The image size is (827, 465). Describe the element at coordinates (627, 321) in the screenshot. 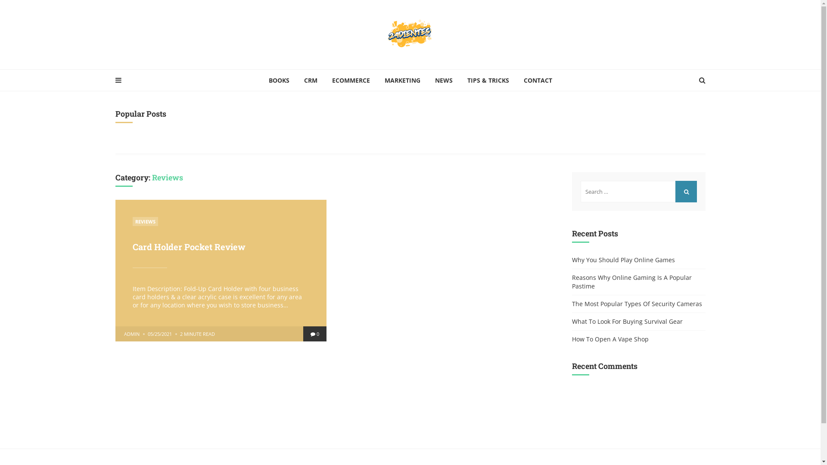

I see `'What To Look For Buying Survival Gear'` at that location.